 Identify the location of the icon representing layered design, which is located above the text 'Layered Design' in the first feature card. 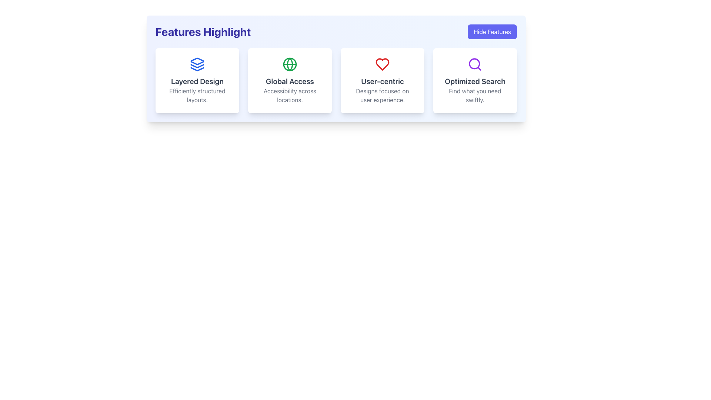
(197, 64).